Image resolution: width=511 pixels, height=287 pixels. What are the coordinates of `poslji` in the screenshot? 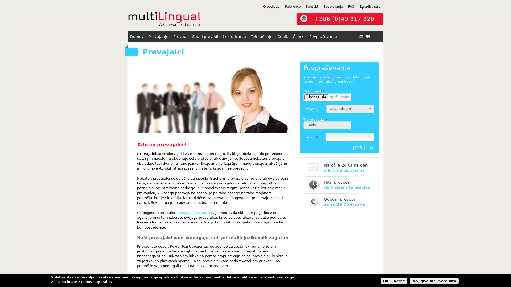 It's located at (363, 147).